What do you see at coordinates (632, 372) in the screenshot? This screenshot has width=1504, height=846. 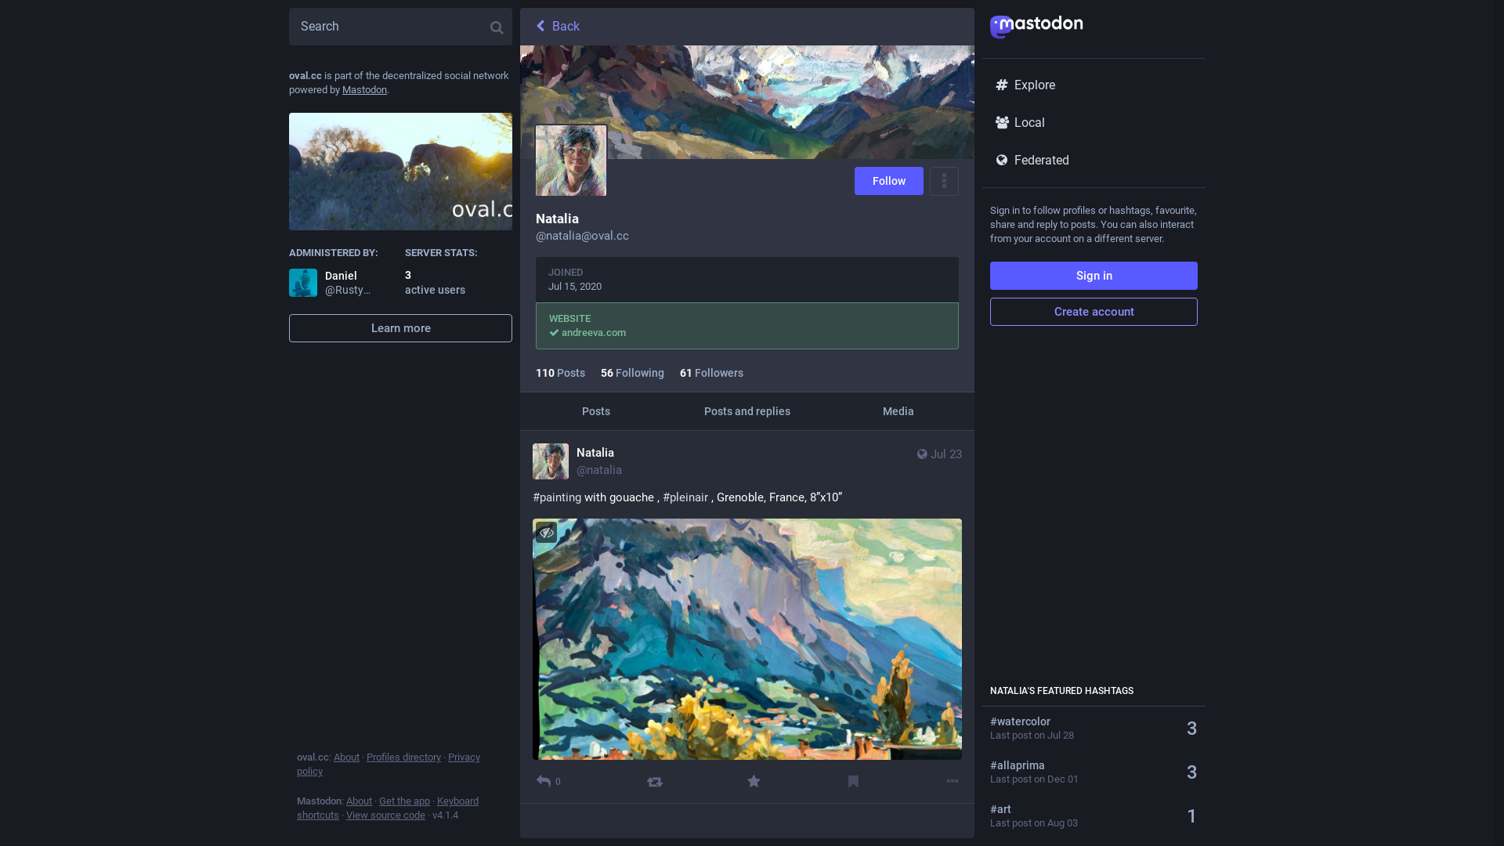 I see `'56 Following'` at bounding box center [632, 372].